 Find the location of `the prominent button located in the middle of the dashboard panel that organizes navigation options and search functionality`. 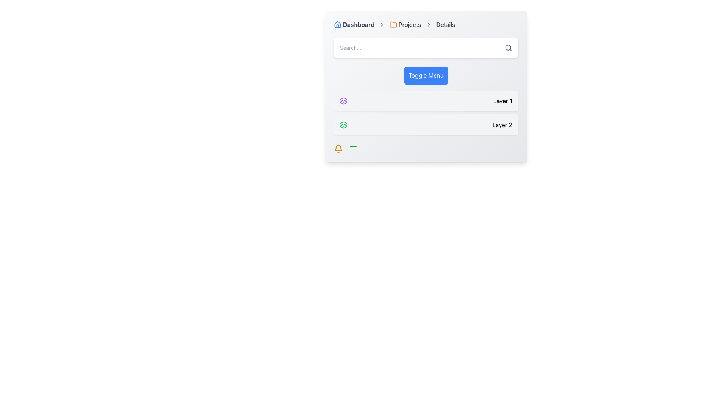

the prominent button located in the middle of the dashboard panel that organizes navigation options and search functionality is located at coordinates (426, 86).